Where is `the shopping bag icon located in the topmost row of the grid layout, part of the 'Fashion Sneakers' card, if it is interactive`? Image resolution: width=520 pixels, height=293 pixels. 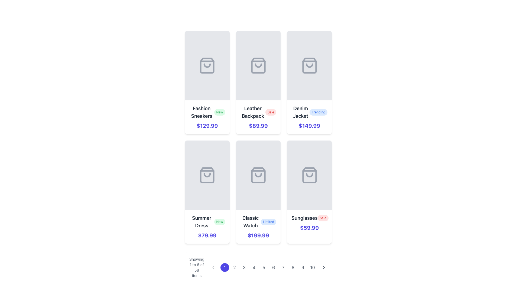
the shopping bag icon located in the topmost row of the grid layout, part of the 'Fashion Sneakers' card, if it is interactive is located at coordinates (207, 65).